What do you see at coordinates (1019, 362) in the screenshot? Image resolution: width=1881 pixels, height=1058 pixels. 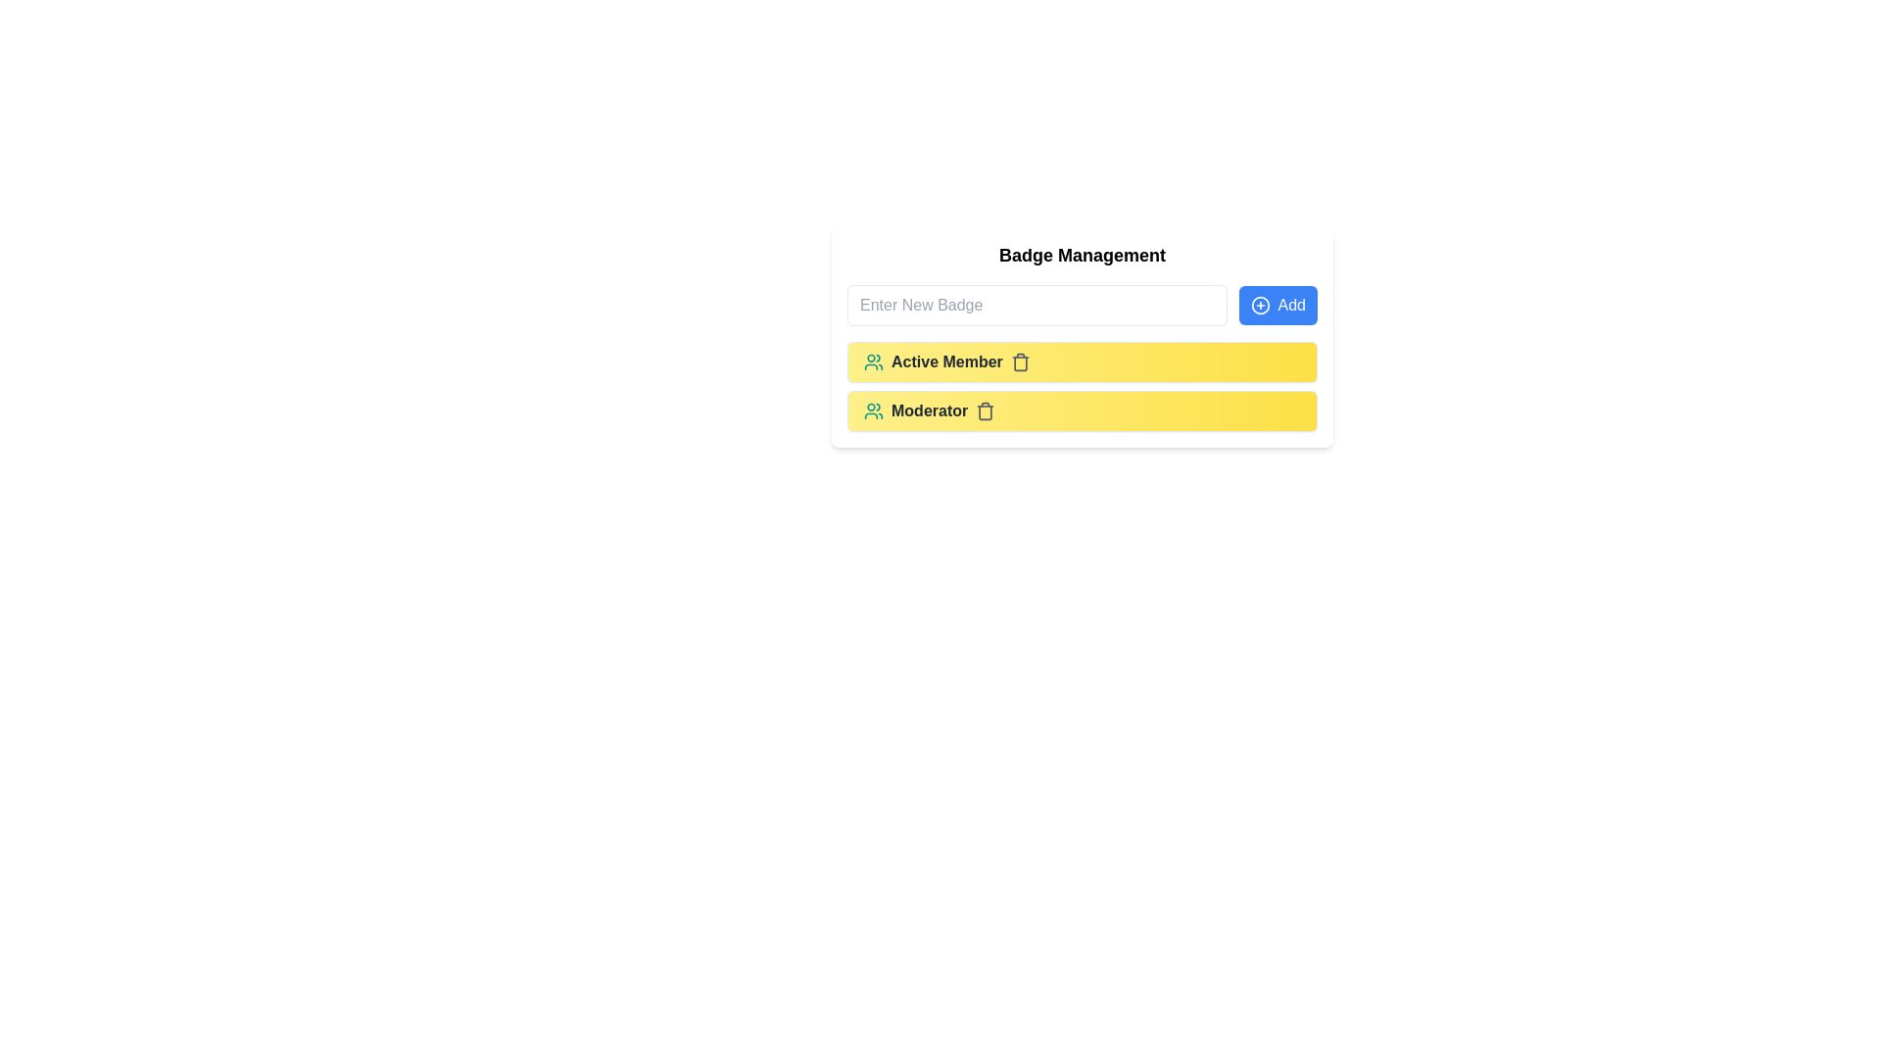 I see `trash icon to remove the badge labeled Active Member` at bounding box center [1019, 362].